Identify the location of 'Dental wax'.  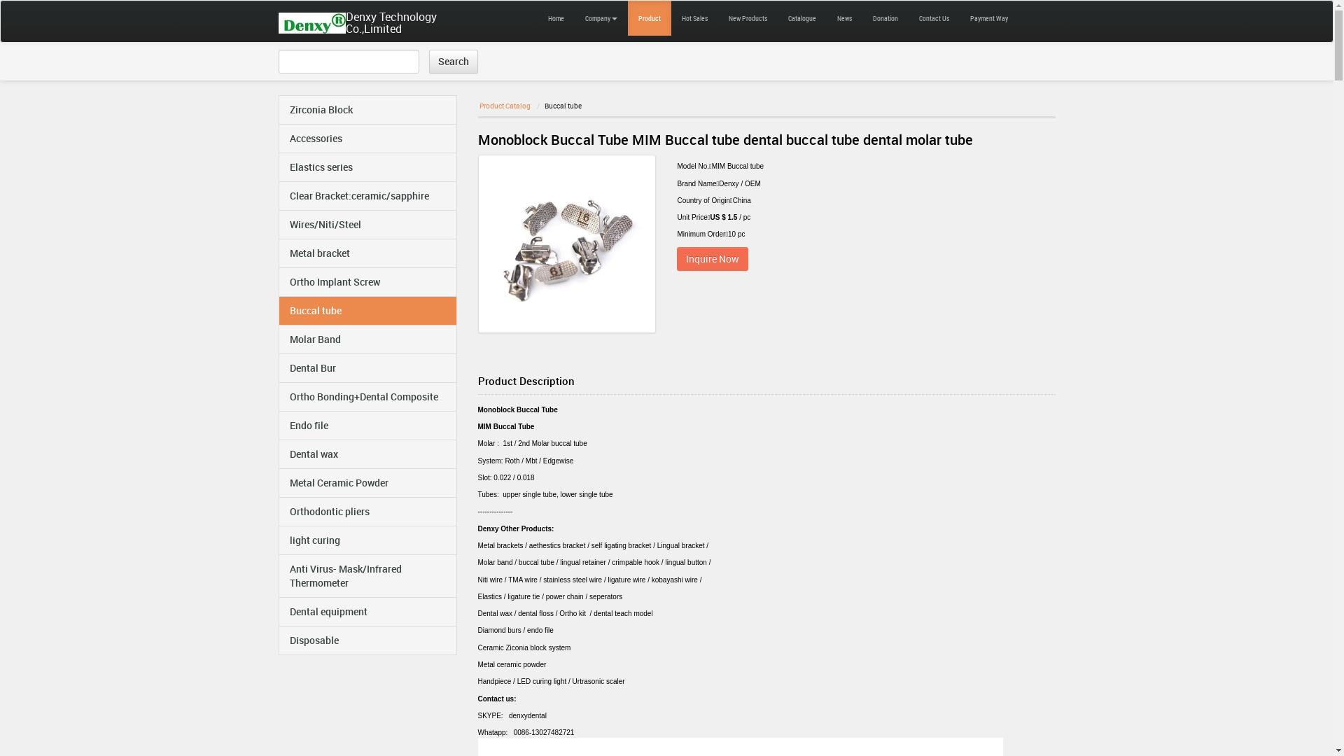
(367, 454).